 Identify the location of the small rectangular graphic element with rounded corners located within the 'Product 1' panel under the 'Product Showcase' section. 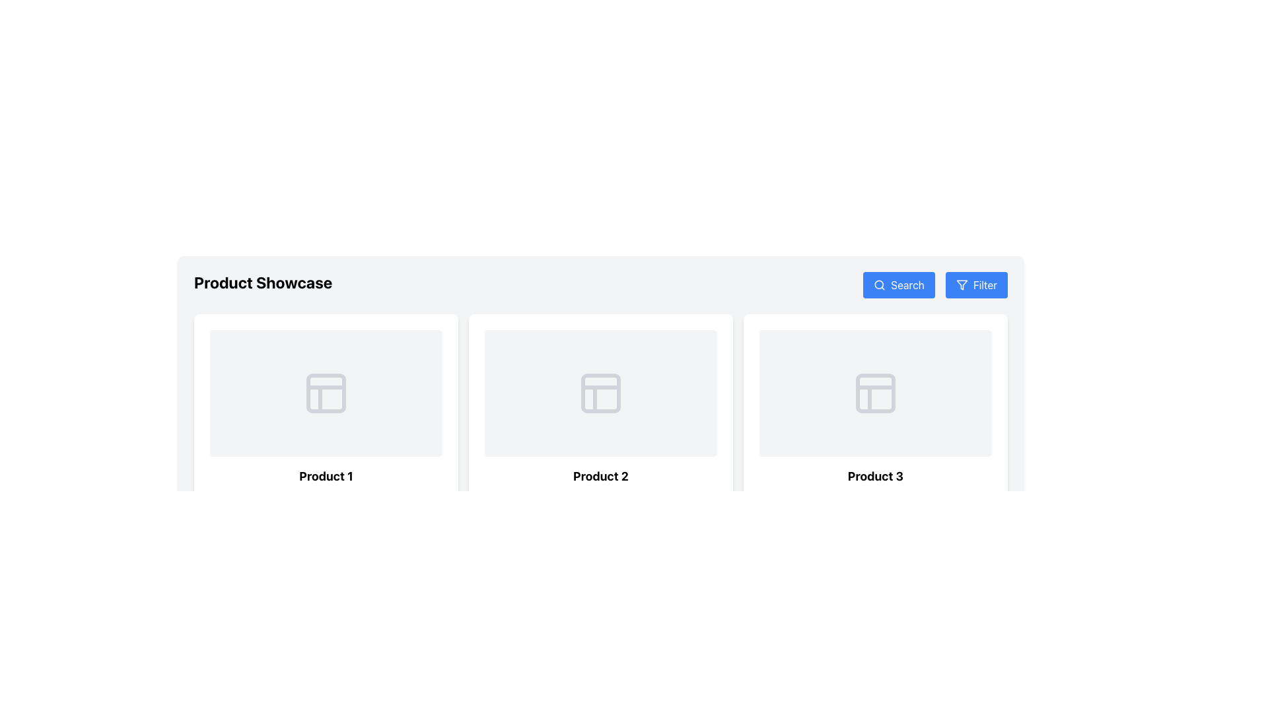
(326, 393).